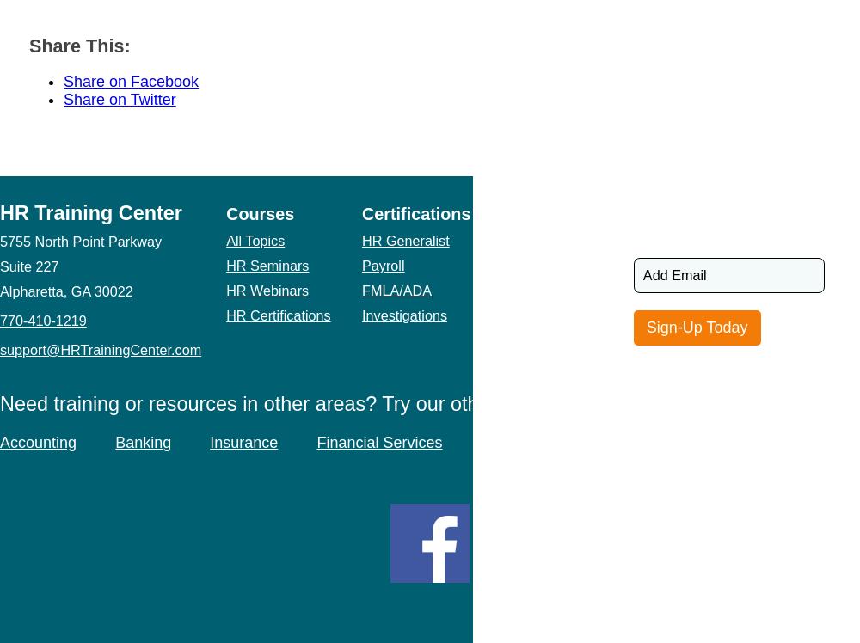 The height and width of the screenshot is (643, 860). I want to click on 'Info', so click(512, 213).